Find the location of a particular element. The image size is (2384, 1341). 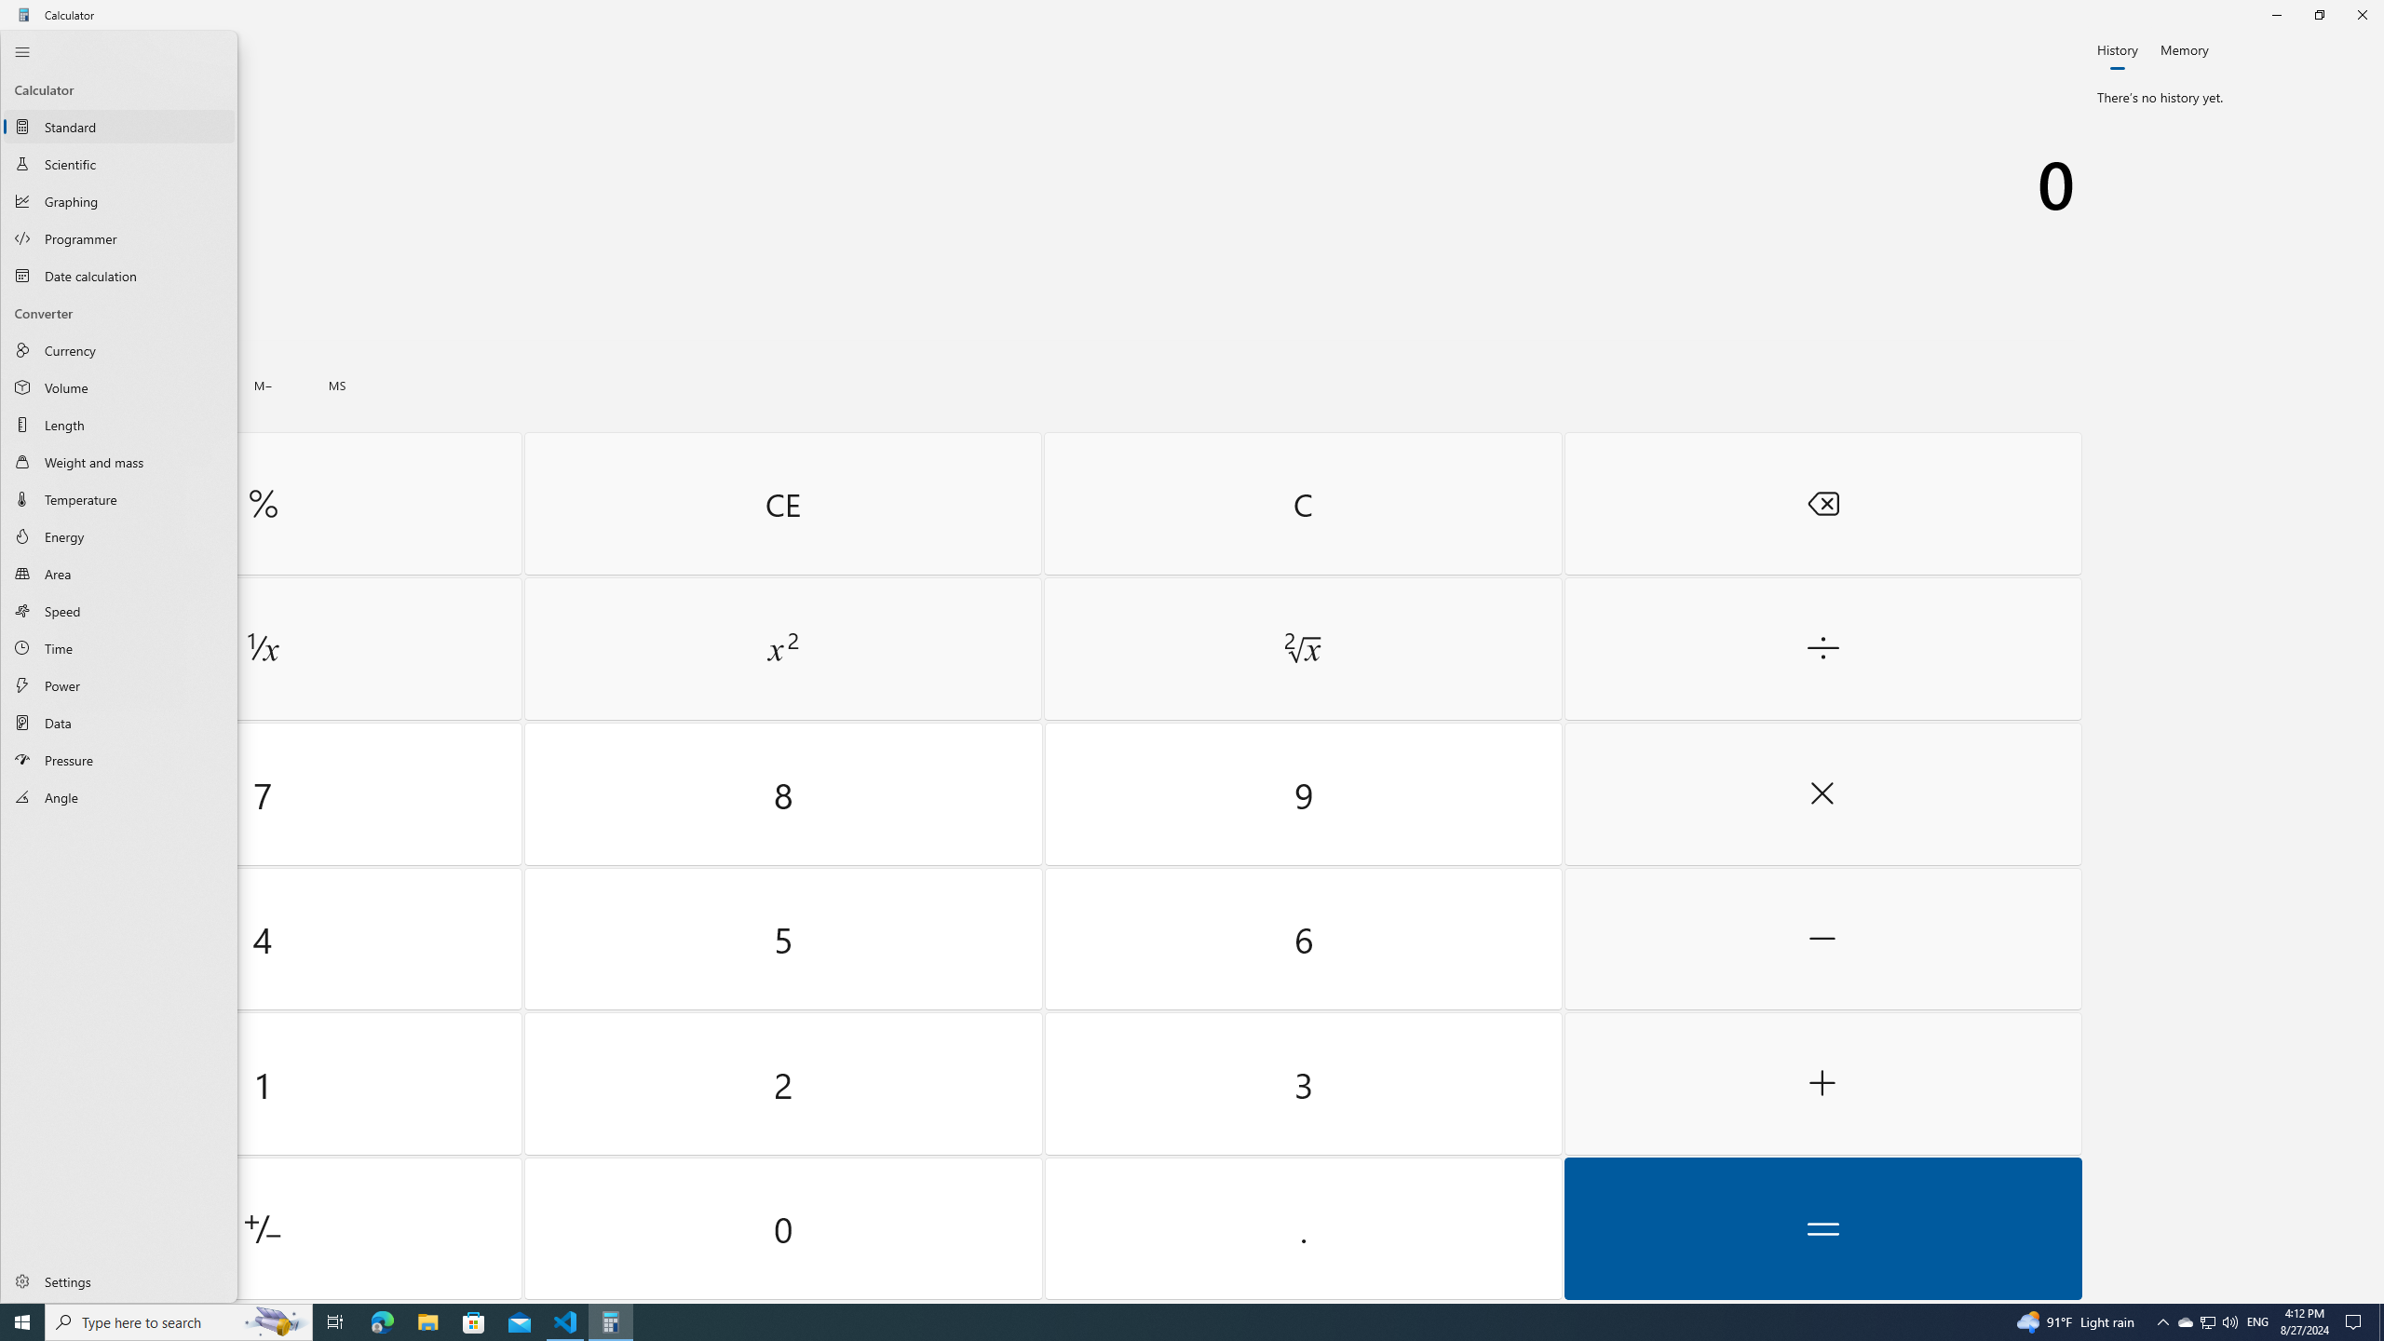

'Seven' is located at coordinates (262, 794).